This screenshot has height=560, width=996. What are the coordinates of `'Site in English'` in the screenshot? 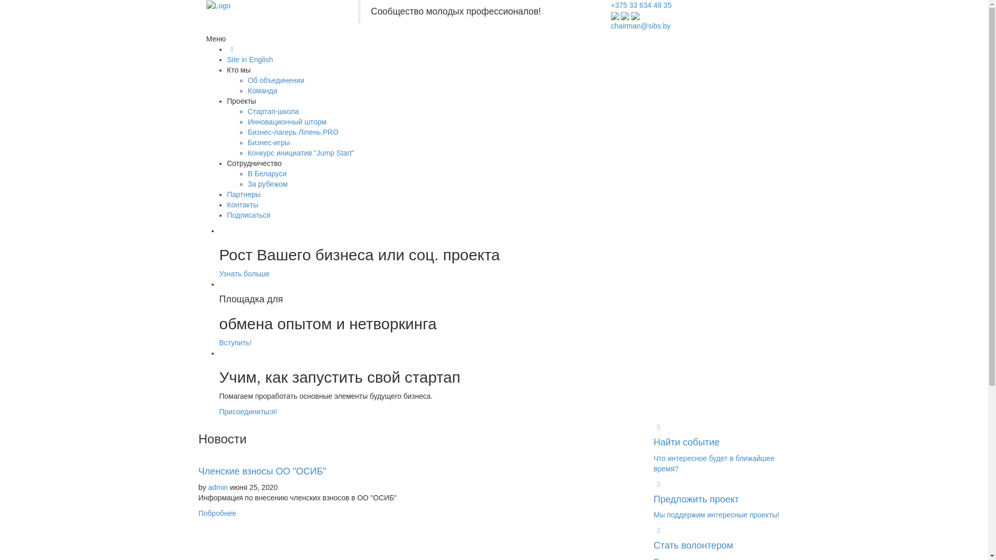 It's located at (250, 60).